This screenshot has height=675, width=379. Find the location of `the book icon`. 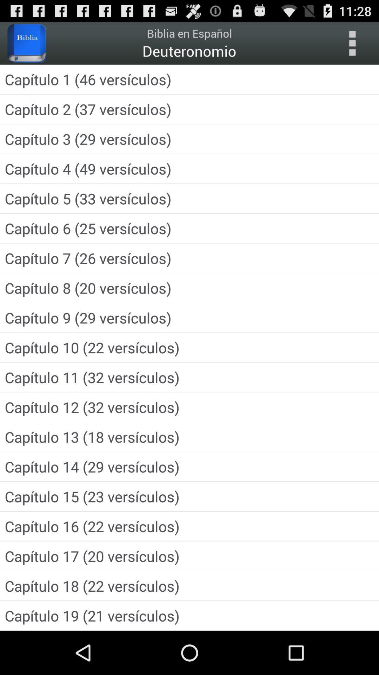

the book icon is located at coordinates (26, 46).